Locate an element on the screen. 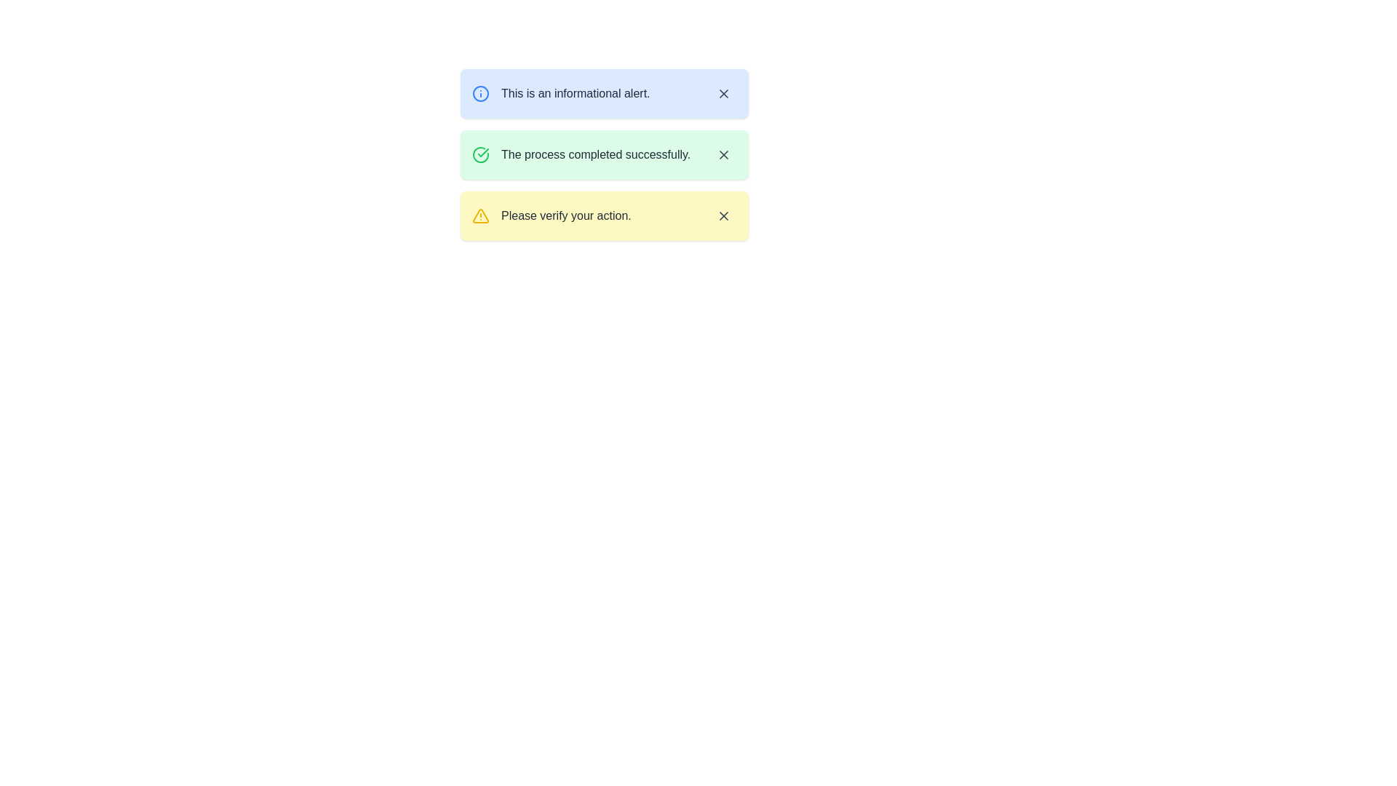 The image size is (1397, 786). the dismiss button located at the top-right corner of the yellow warning message box that contains the text 'Please verify your action.' is located at coordinates (723, 216).